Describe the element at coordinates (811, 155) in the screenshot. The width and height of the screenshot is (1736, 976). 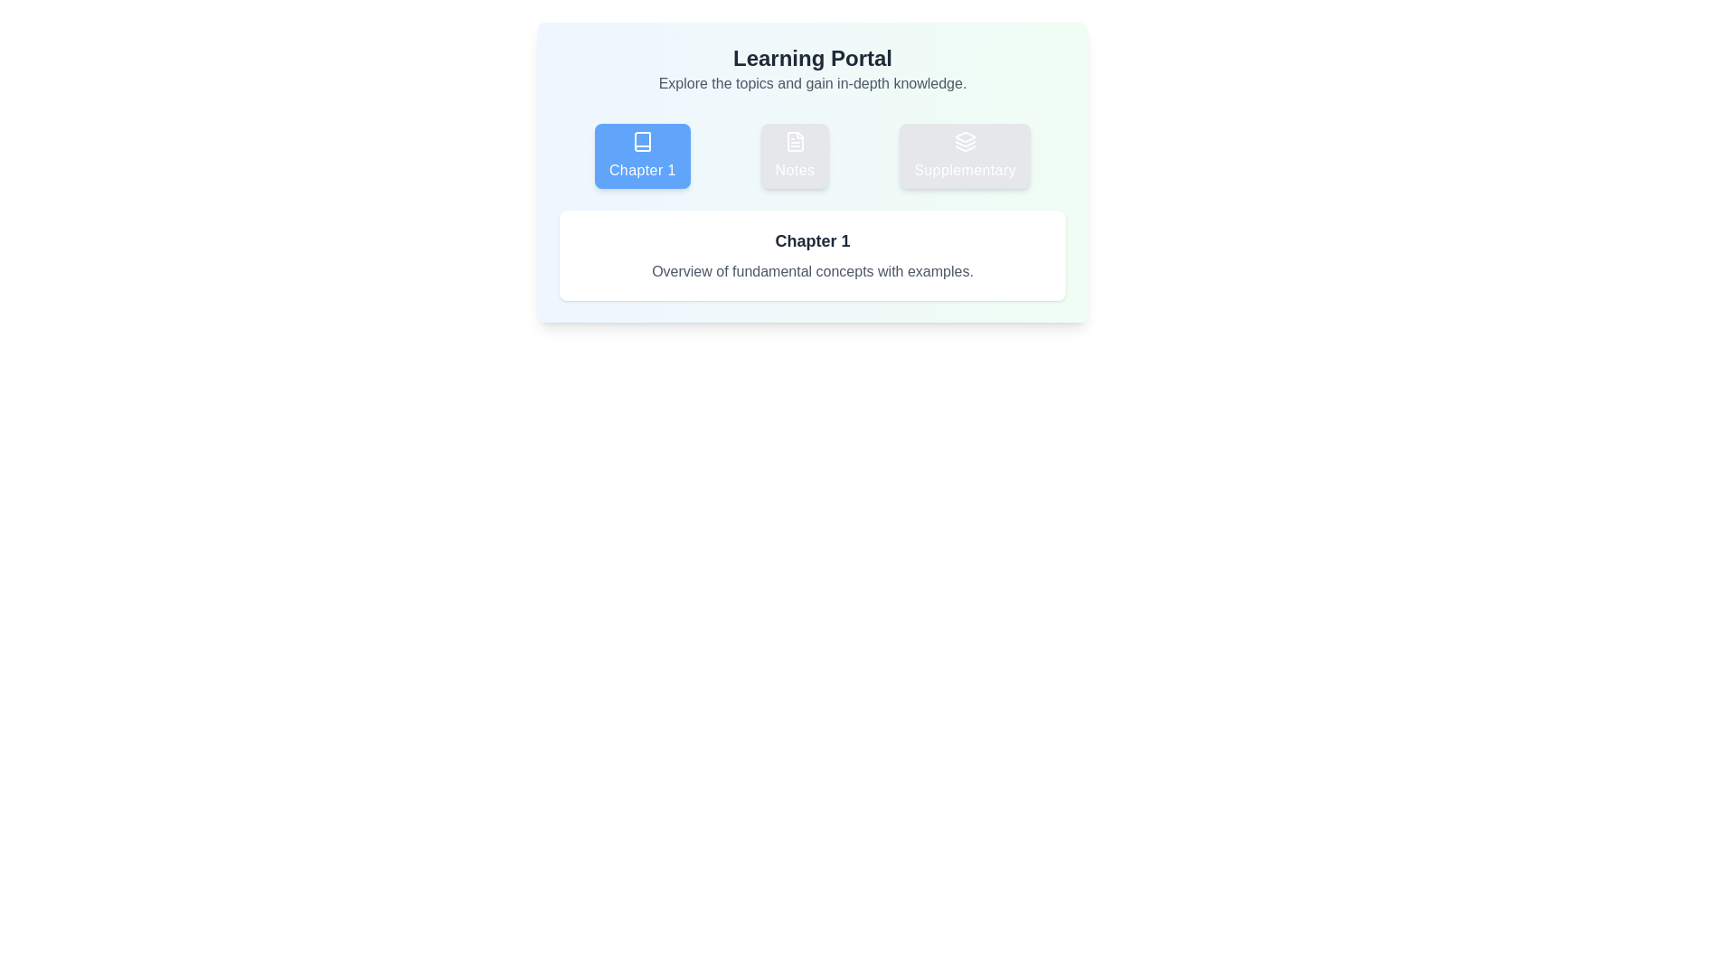
I see `the 'Notes' button positioned between the 'Chapter 1' button and the 'Supplementary' button` at that location.